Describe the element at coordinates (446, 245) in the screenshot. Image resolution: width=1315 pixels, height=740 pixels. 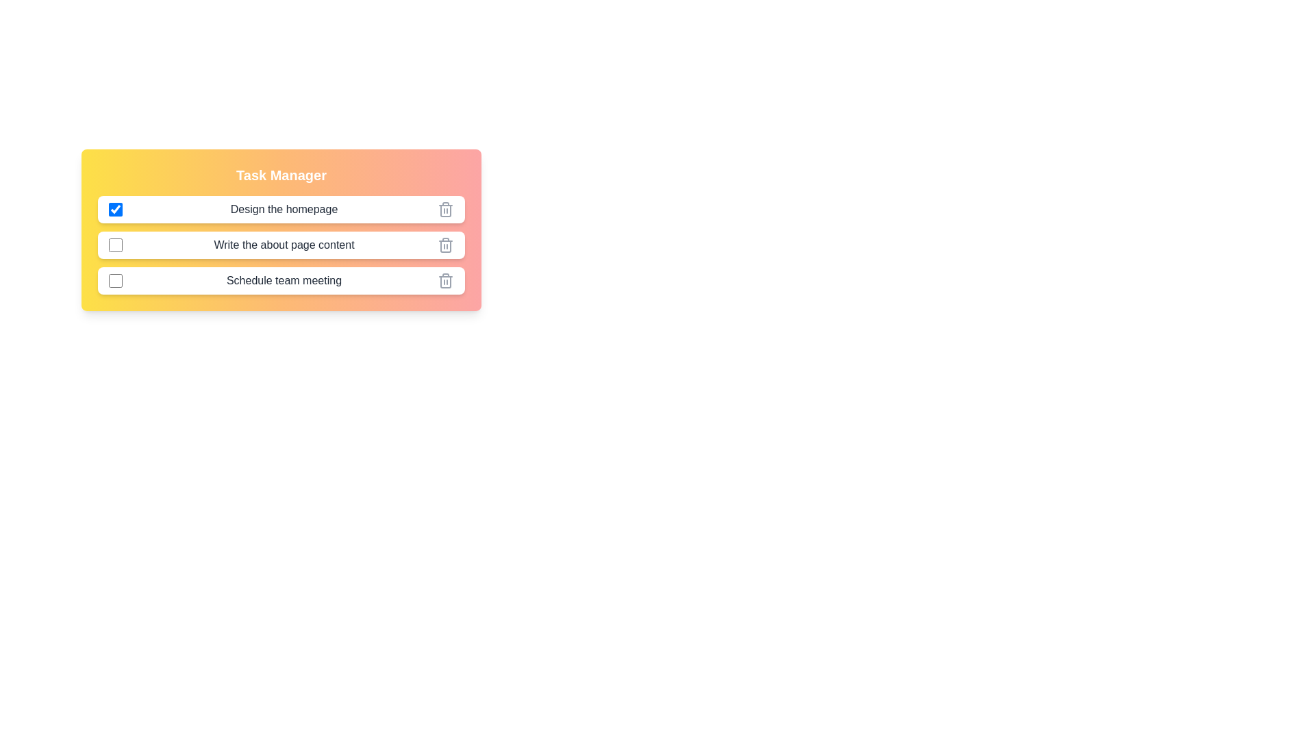
I see `the delete icon for the task titled 'Write the about page content'` at that location.